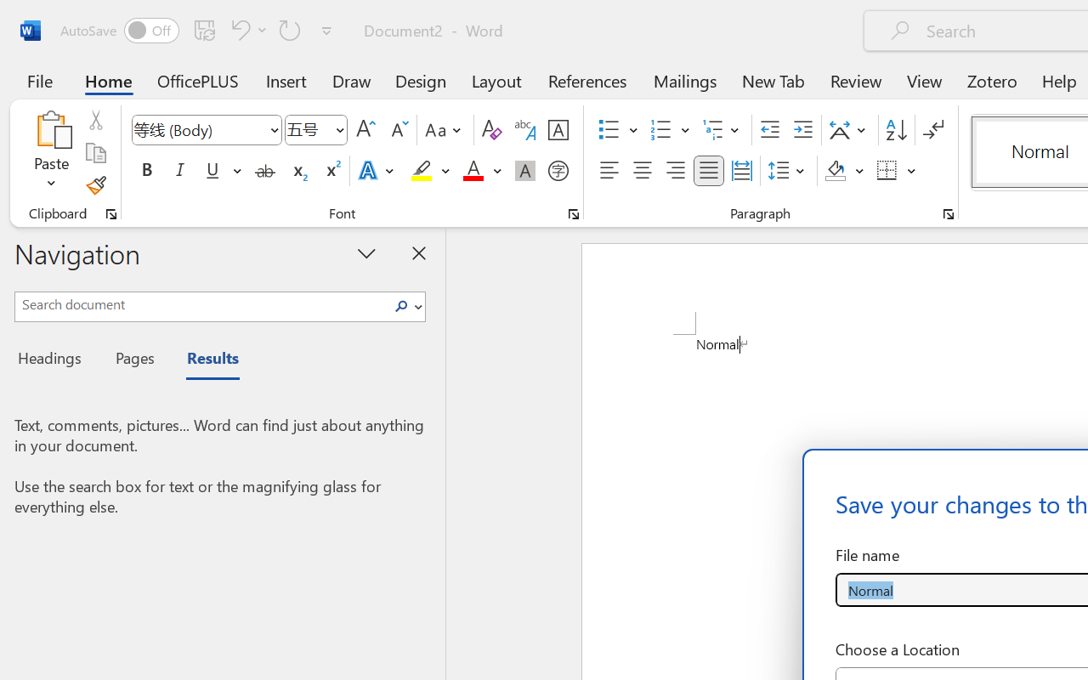  I want to click on 'Insert', so click(286, 80).